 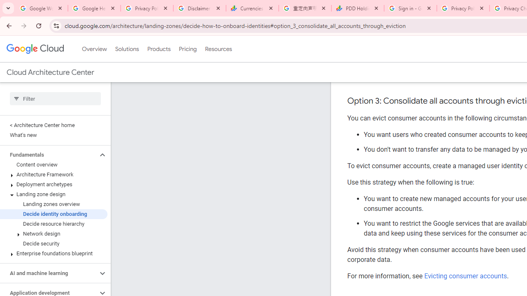 What do you see at coordinates (50, 72) in the screenshot?
I see `'Cloud Architecture Center'` at bounding box center [50, 72].